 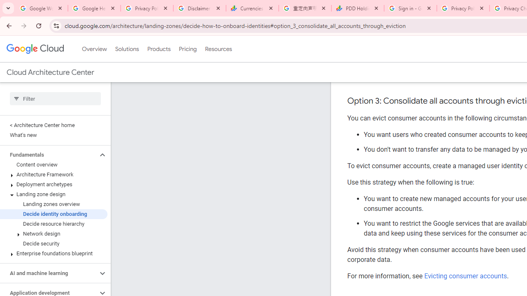 What do you see at coordinates (50, 72) in the screenshot?
I see `'Cloud Architecture Center'` at bounding box center [50, 72].